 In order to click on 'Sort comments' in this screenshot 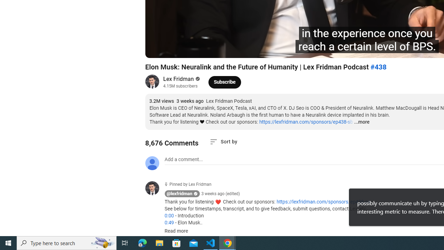, I will do `click(223, 141)`.